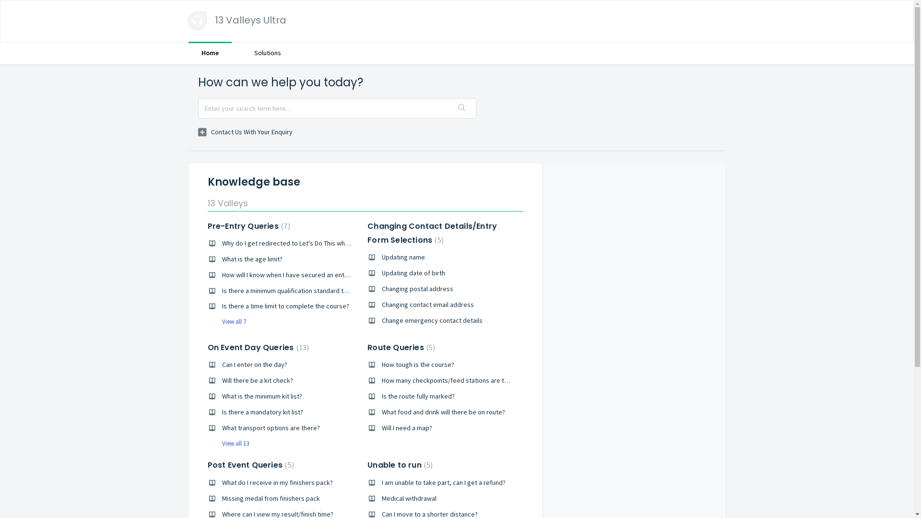 The height and width of the screenshot is (518, 921). Describe the element at coordinates (443, 483) in the screenshot. I see `'I am unable to take part, can I get a refund?'` at that location.